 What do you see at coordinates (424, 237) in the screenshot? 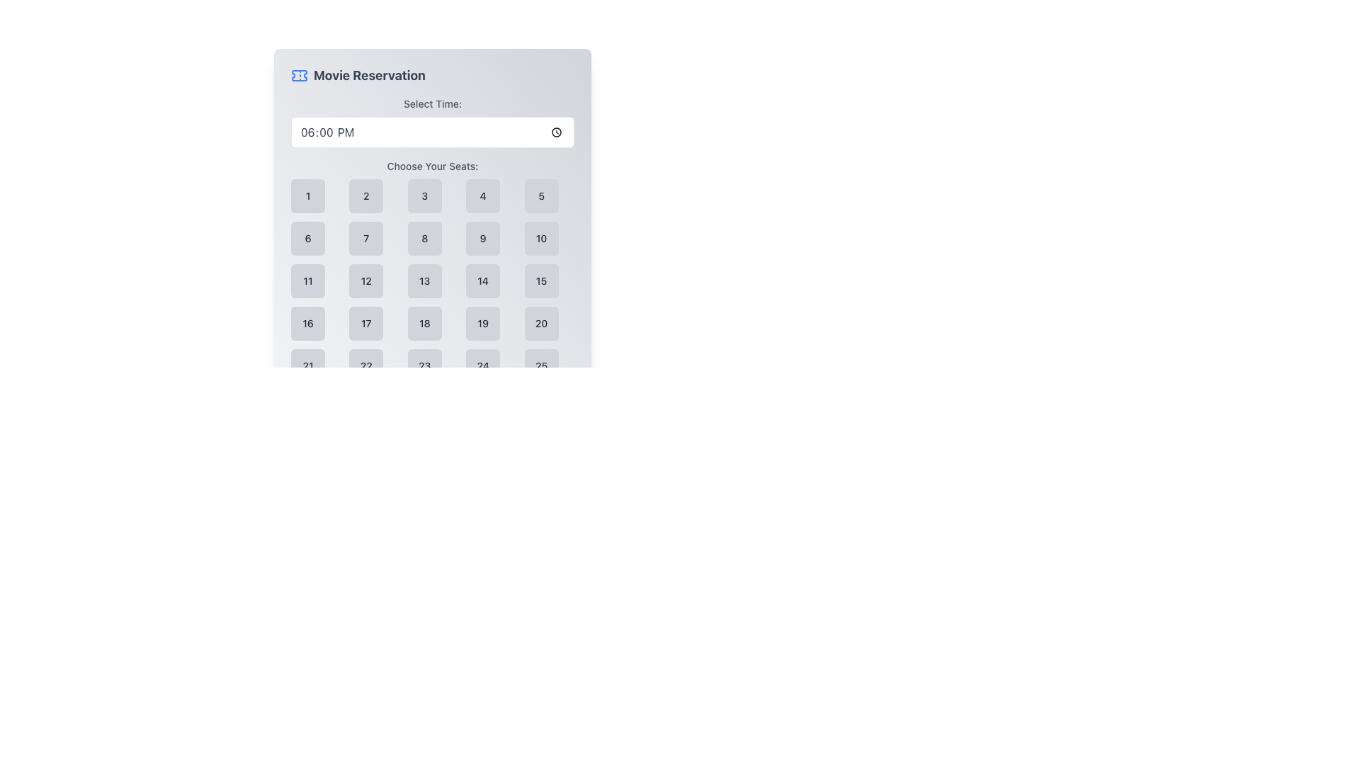
I see `the button` at bounding box center [424, 237].